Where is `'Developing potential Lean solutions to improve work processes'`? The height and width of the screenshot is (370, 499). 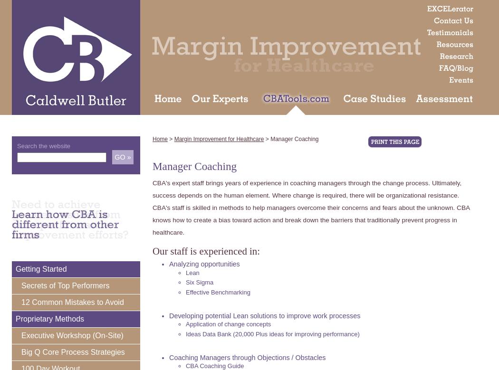 'Developing potential Lean solutions to improve work processes' is located at coordinates (265, 316).